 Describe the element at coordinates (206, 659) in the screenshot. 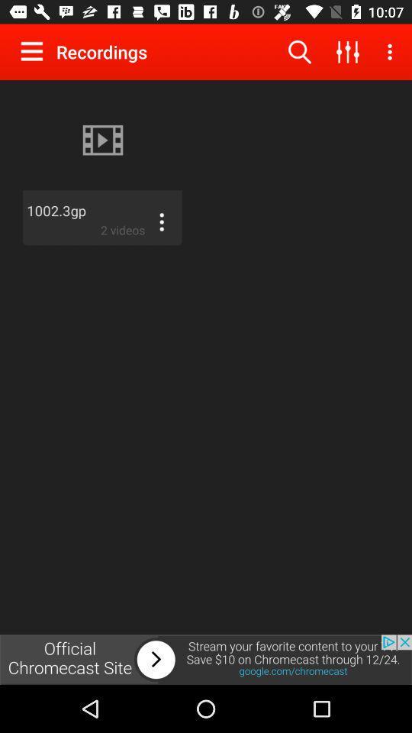

I see `adverts` at that location.